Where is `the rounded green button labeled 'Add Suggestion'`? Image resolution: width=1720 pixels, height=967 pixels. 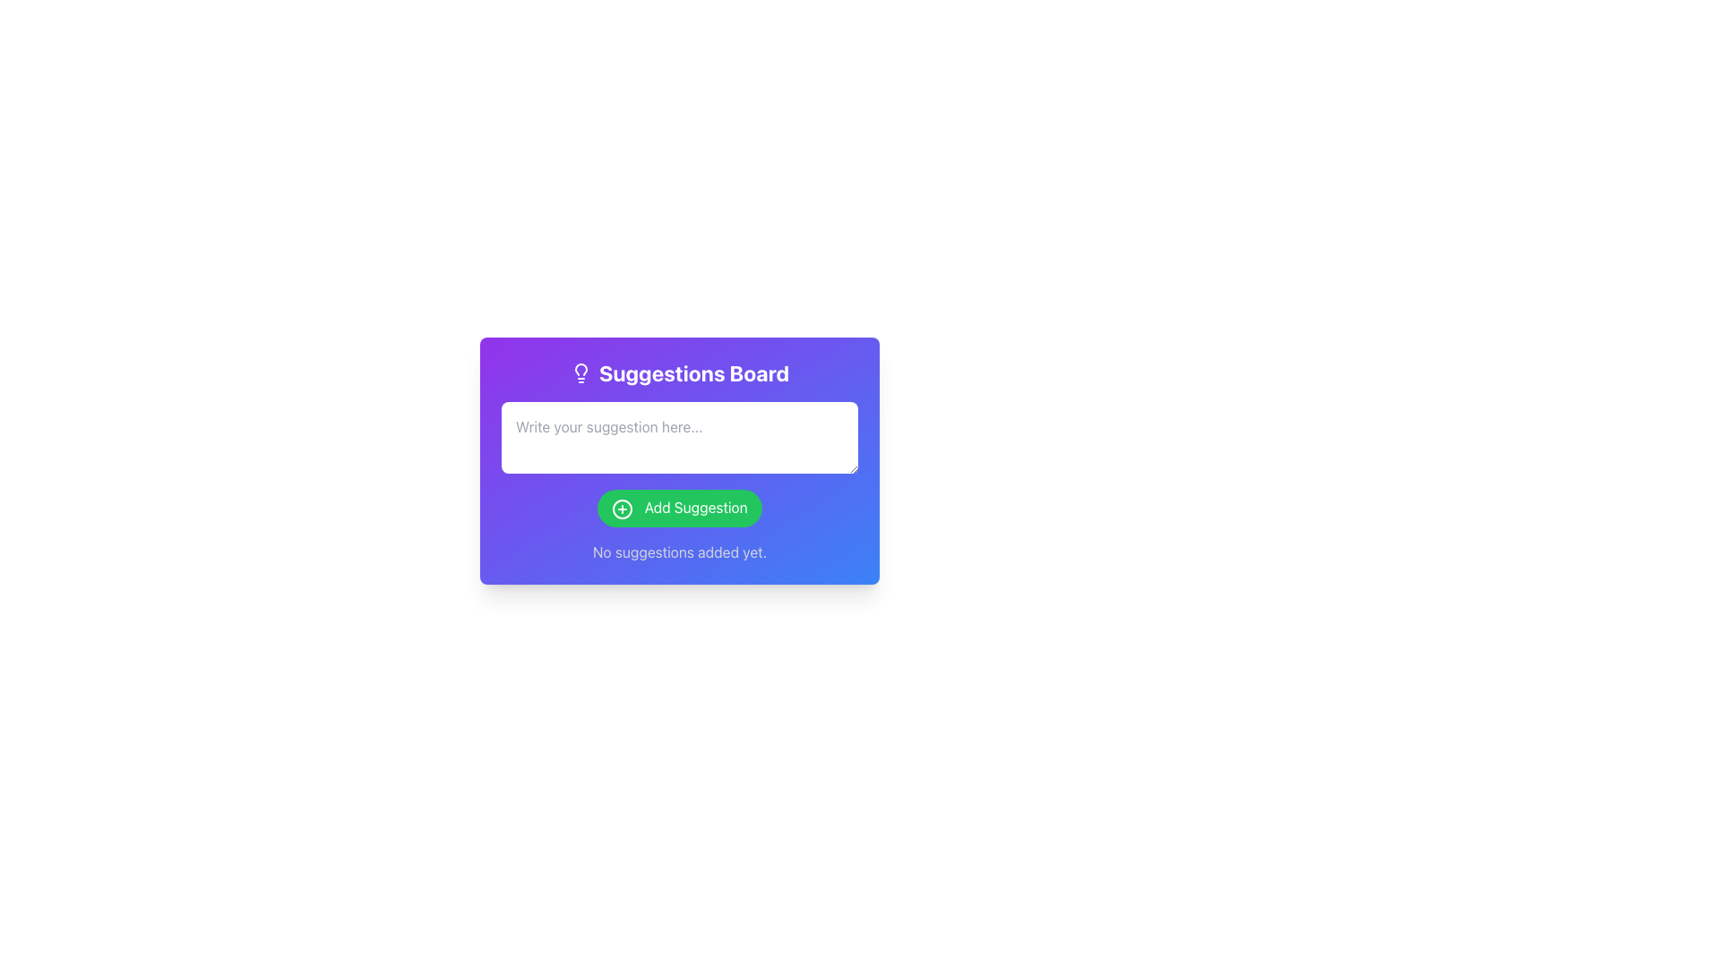
the rounded green button labeled 'Add Suggestion' is located at coordinates (678, 508).